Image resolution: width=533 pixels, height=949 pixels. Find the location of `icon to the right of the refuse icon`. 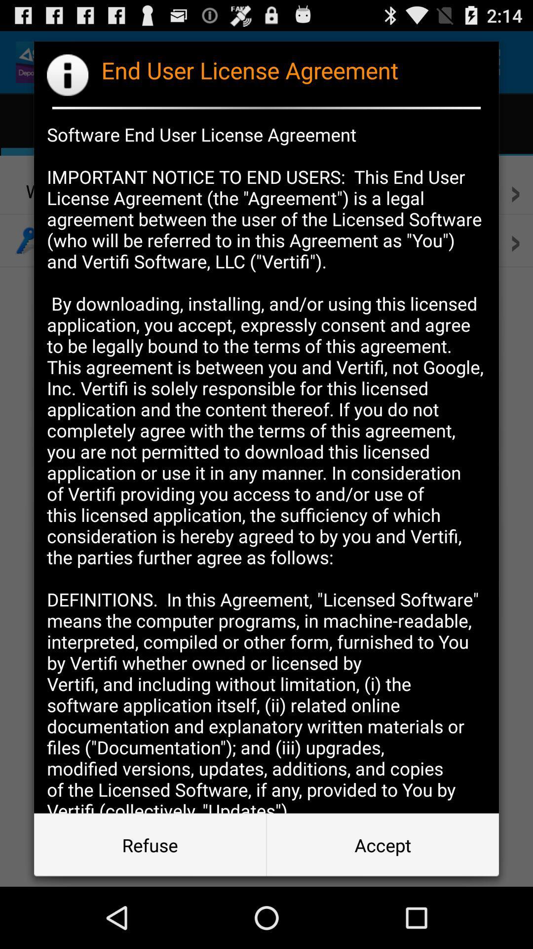

icon to the right of the refuse icon is located at coordinates (382, 844).